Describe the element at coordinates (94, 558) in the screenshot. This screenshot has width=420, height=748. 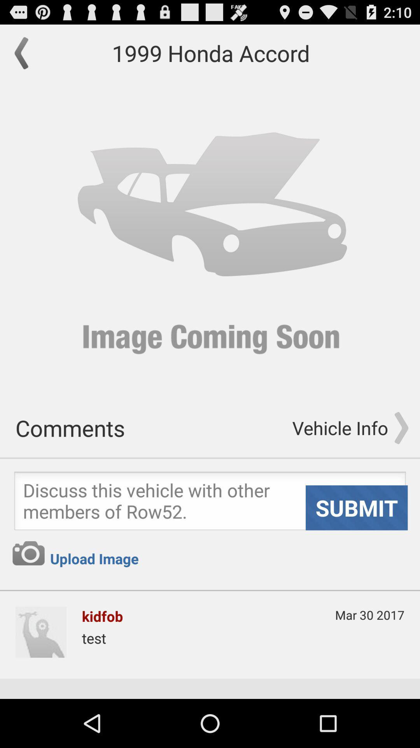
I see `the upload image app` at that location.